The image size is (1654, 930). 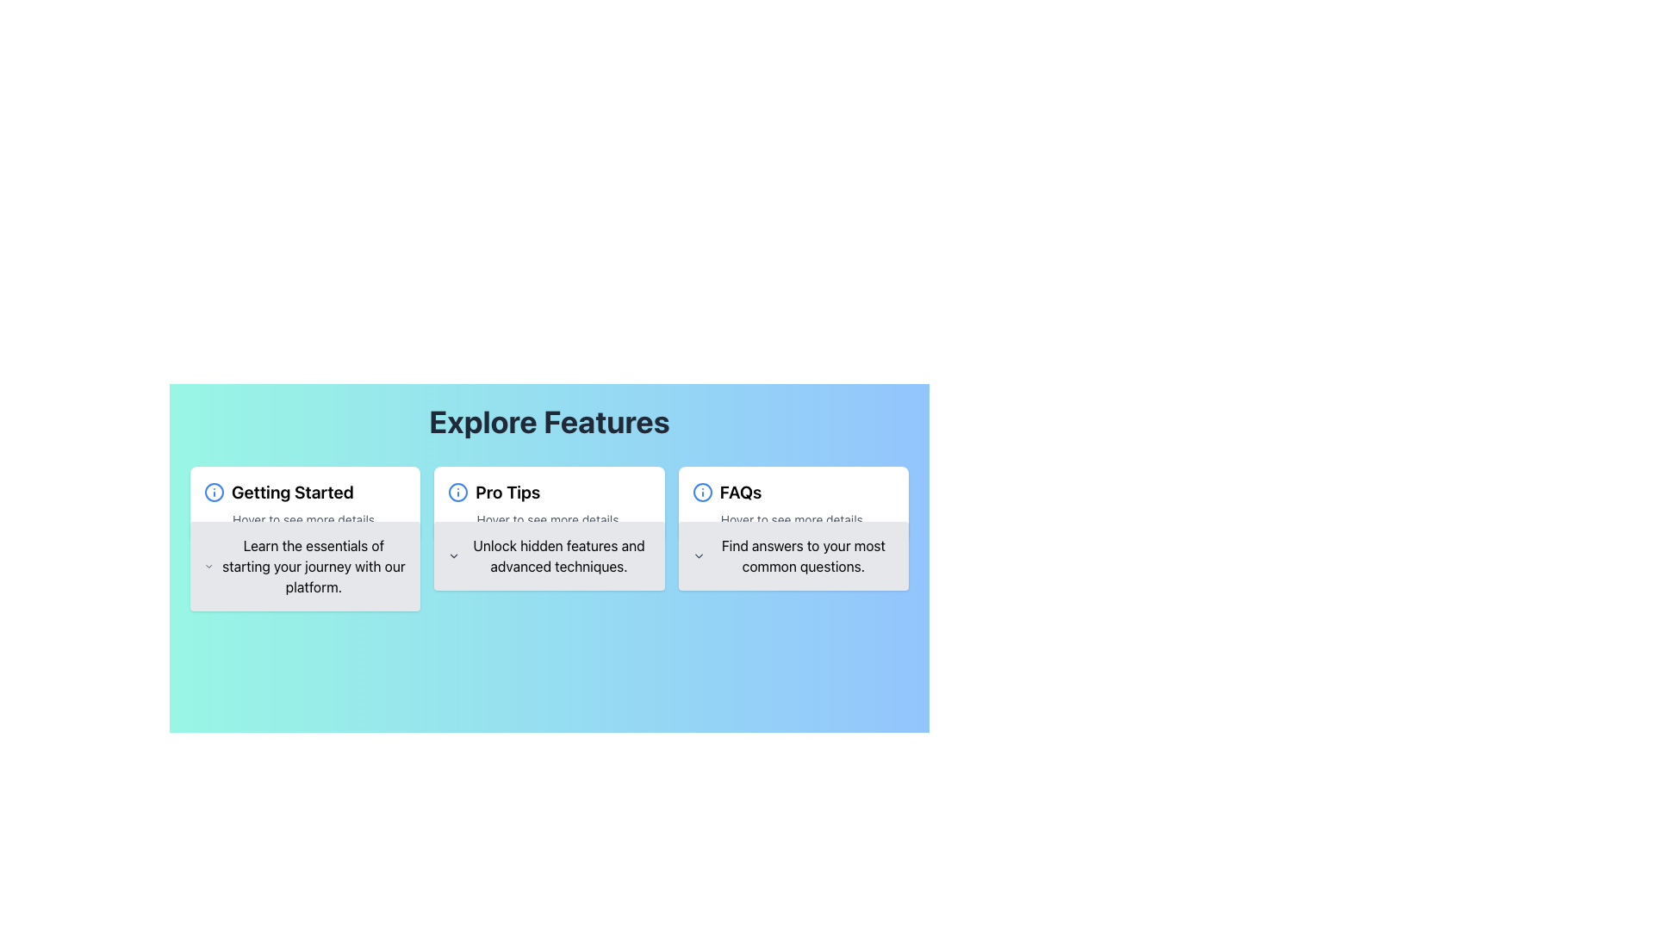 I want to click on the Information Card, which is the second card in the grid layout providing details about advanced techniques and features, so click(x=549, y=504).